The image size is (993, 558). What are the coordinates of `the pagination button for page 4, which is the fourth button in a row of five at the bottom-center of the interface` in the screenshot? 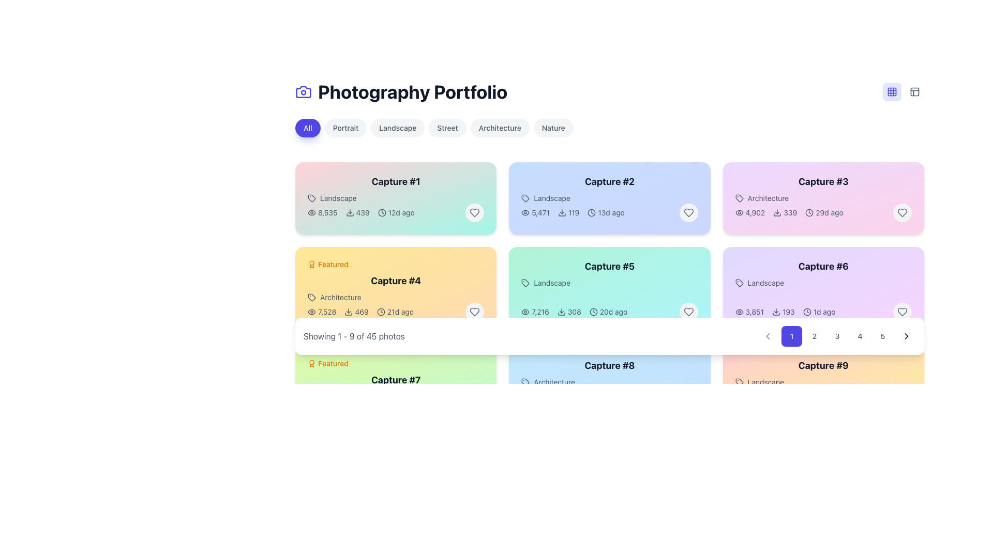 It's located at (860, 336).